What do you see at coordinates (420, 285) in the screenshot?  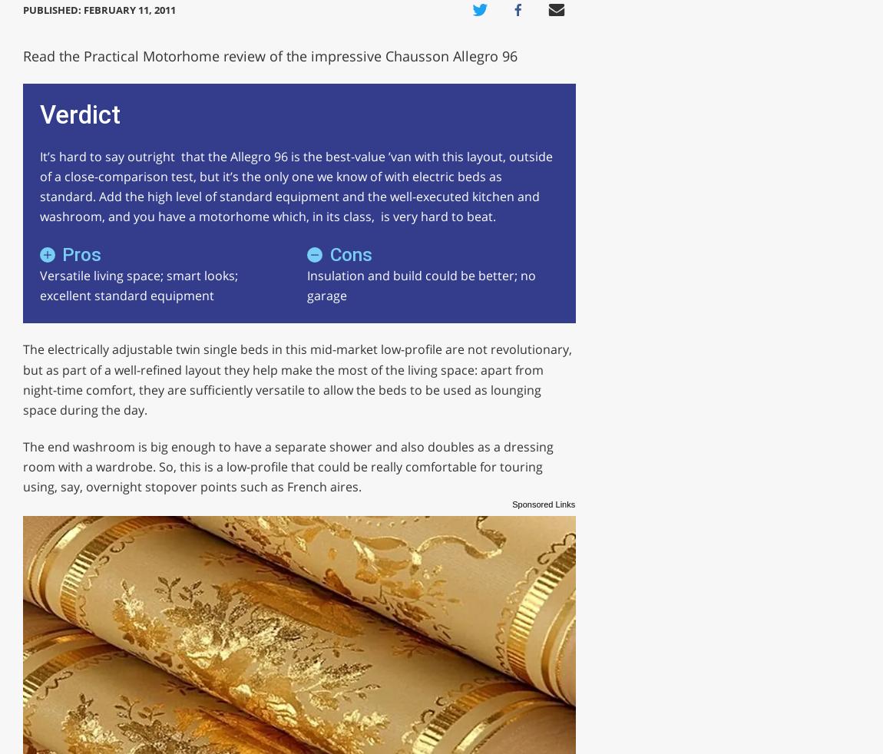 I see `'Insulation and build could be better; no garage'` at bounding box center [420, 285].